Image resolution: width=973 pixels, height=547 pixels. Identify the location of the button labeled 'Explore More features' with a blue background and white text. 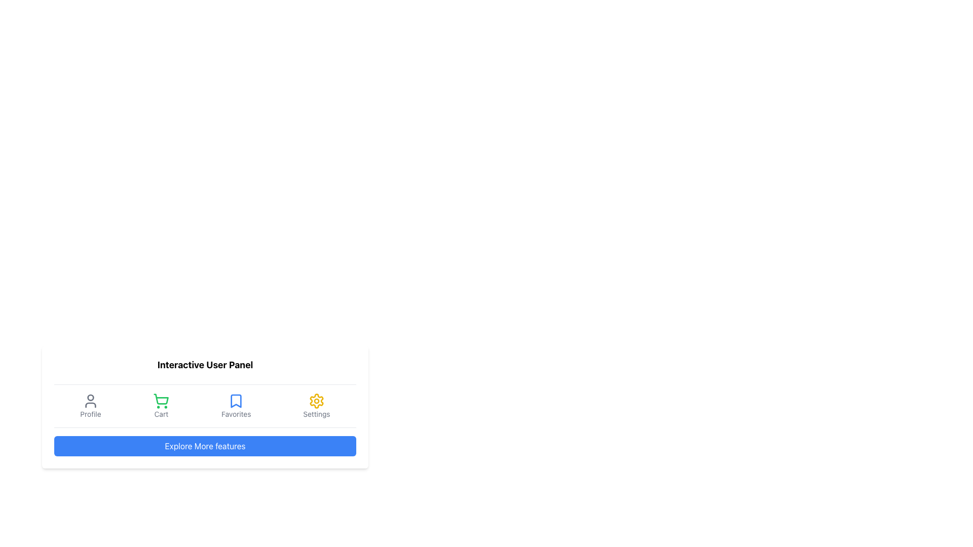
(204, 441).